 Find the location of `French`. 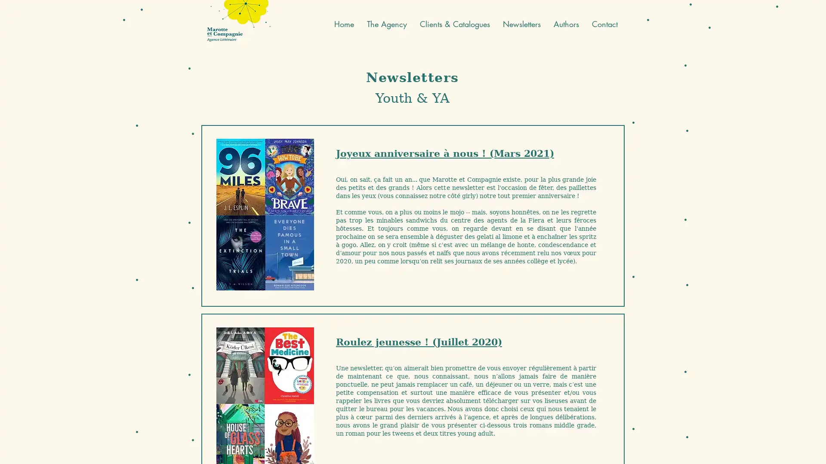

French is located at coordinates (287, 24).